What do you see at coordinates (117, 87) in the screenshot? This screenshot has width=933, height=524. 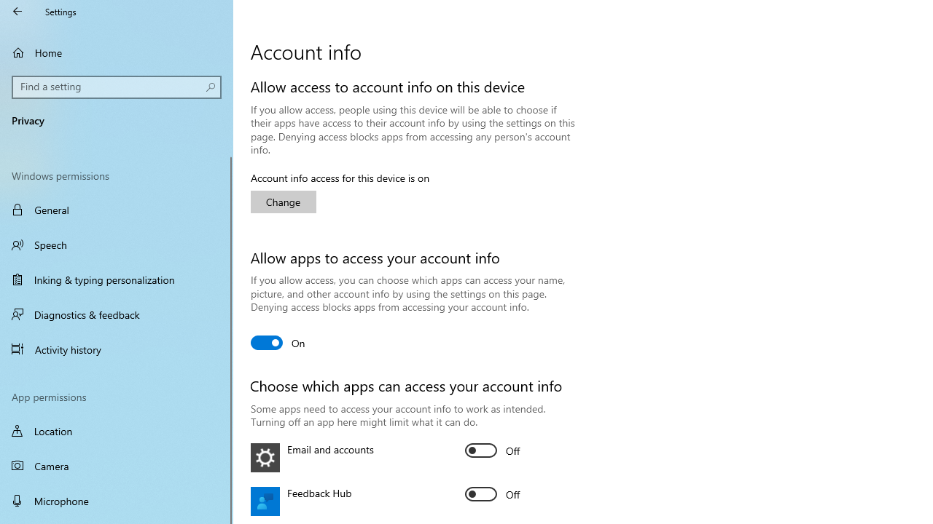 I see `'Search box, Find a setting'` at bounding box center [117, 87].